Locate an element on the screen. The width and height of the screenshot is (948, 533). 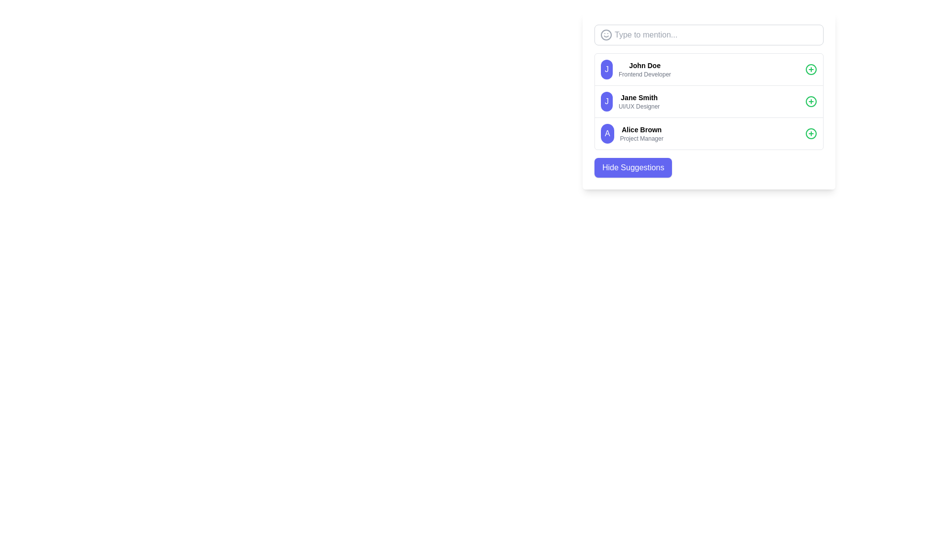
the List item for 'Jane Smith' in the suggestion panel is located at coordinates (708, 101).